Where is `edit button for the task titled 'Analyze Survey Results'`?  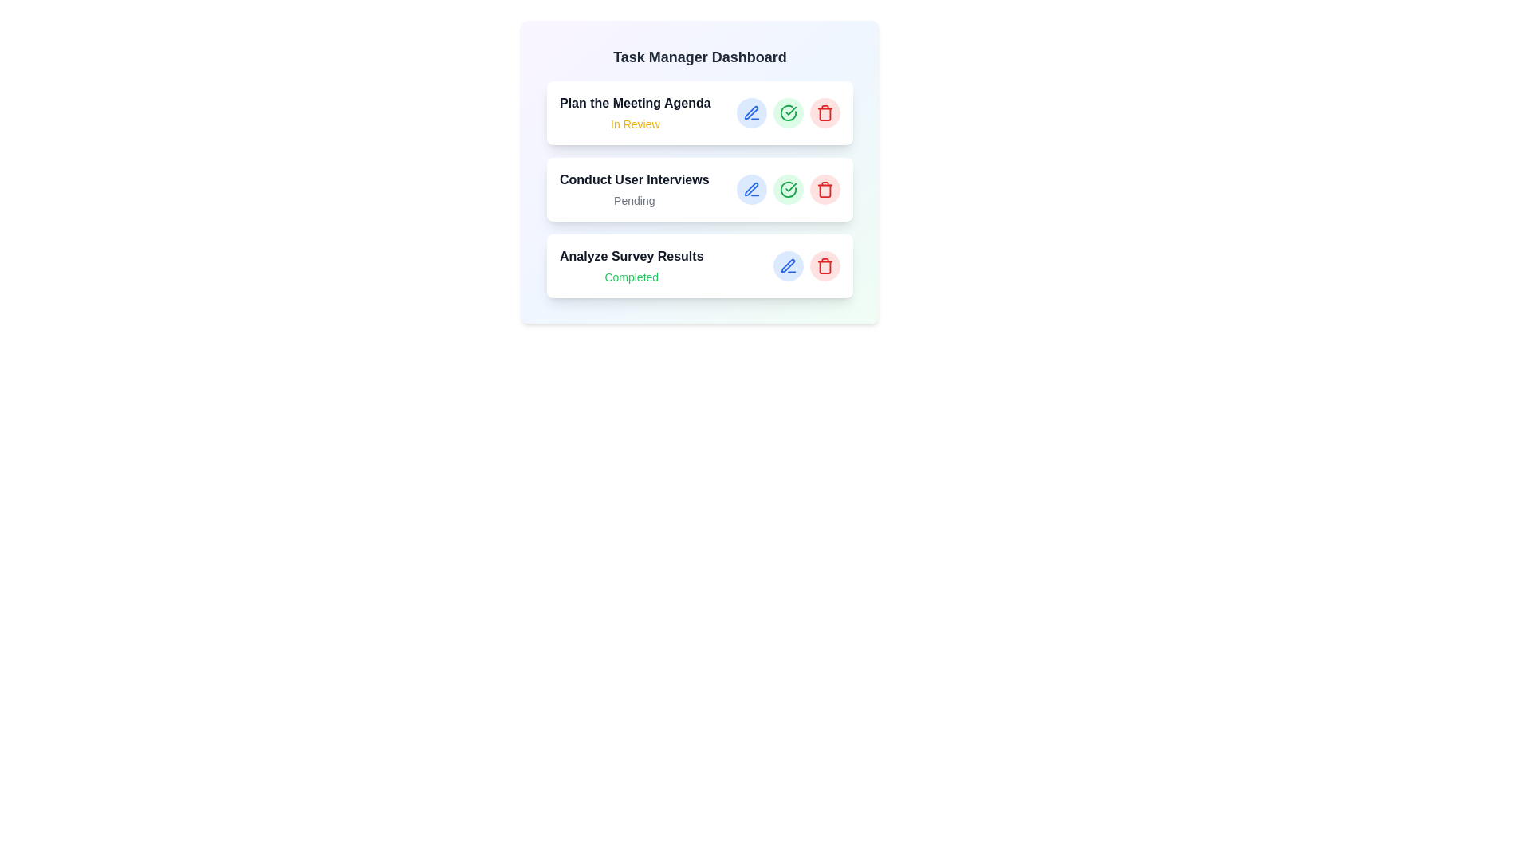
edit button for the task titled 'Analyze Survey Results' is located at coordinates (788, 265).